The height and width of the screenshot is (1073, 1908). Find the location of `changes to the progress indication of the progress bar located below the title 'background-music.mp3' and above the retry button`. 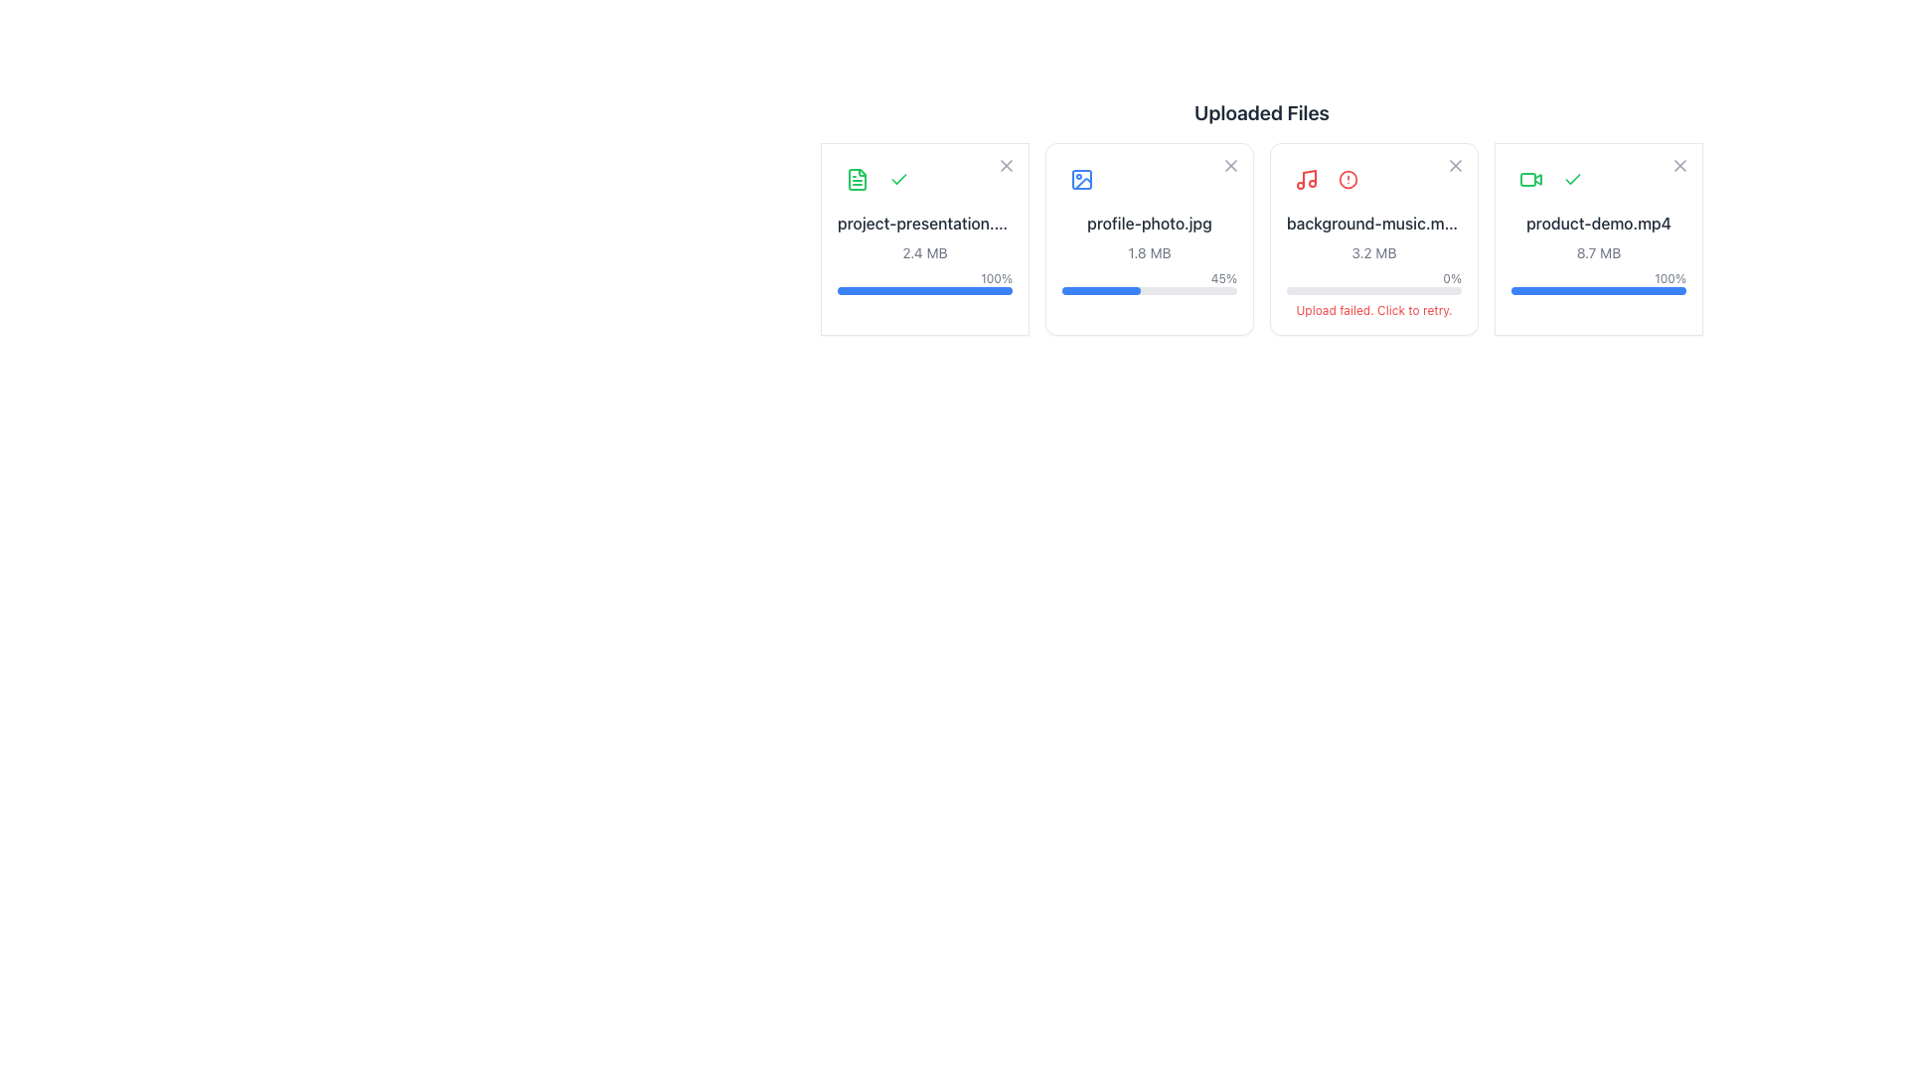

changes to the progress indication of the progress bar located below the title 'background-music.mp3' and above the retry button is located at coordinates (1372, 291).